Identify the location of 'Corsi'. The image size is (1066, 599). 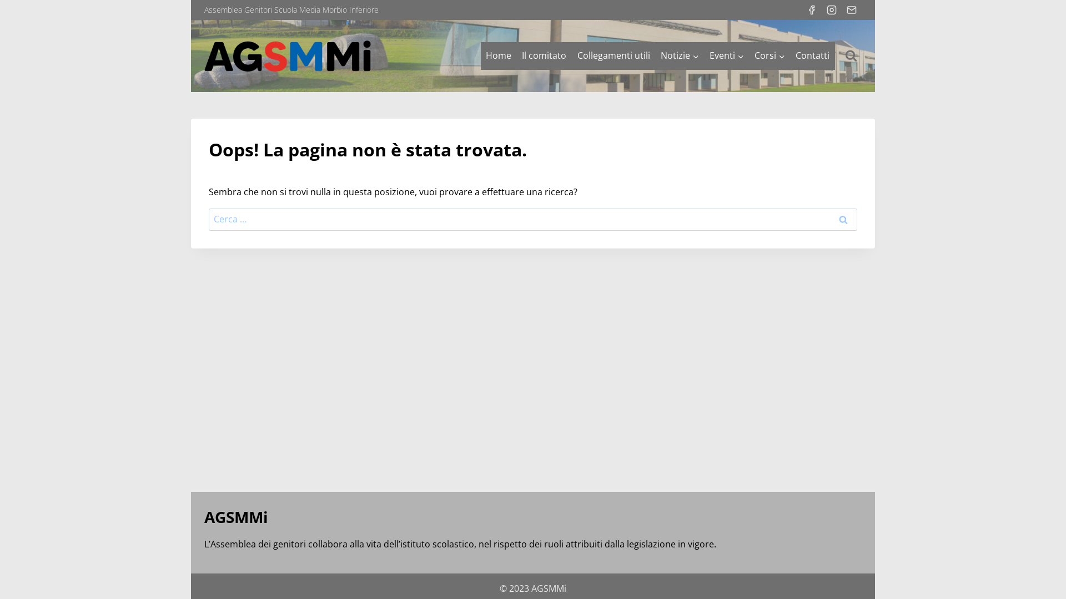
(770, 55).